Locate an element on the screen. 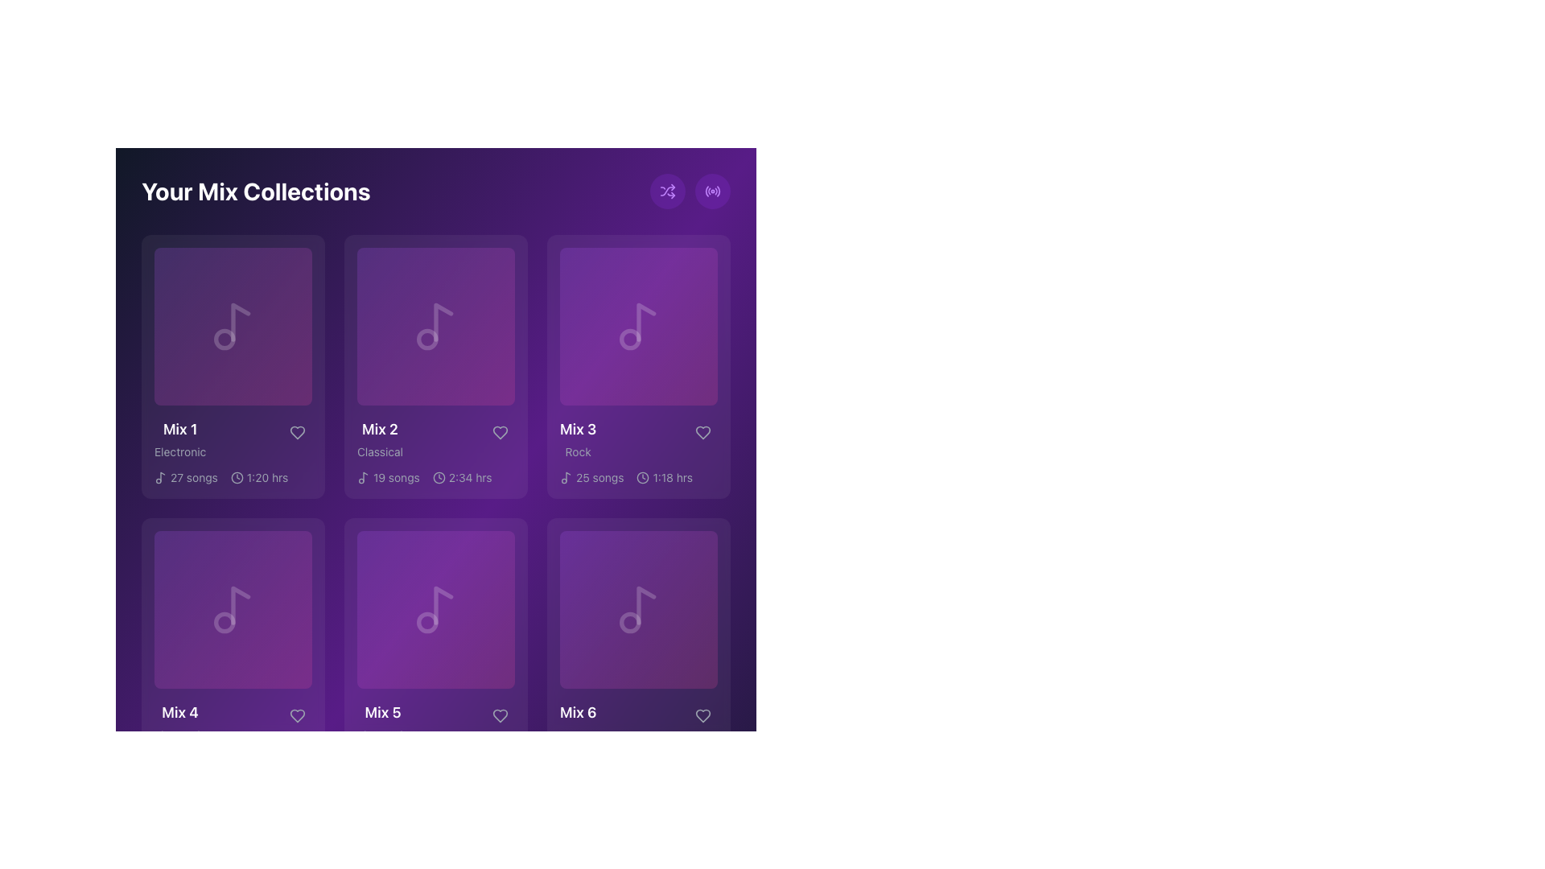 This screenshot has width=1545, height=869. the heart icon located in the bottom-right corner of the 'Mix 4' card to mark the item as favorite is located at coordinates (297, 715).